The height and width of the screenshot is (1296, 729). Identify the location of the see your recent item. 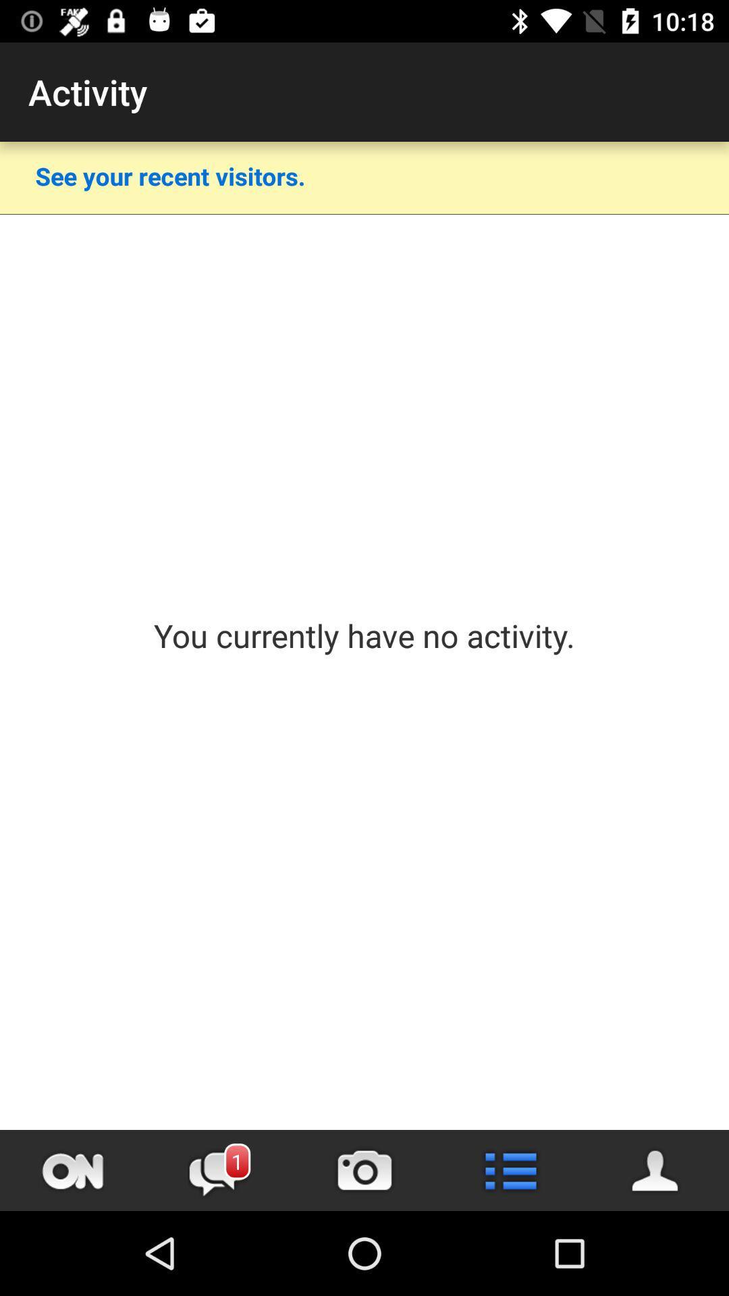
(169, 175).